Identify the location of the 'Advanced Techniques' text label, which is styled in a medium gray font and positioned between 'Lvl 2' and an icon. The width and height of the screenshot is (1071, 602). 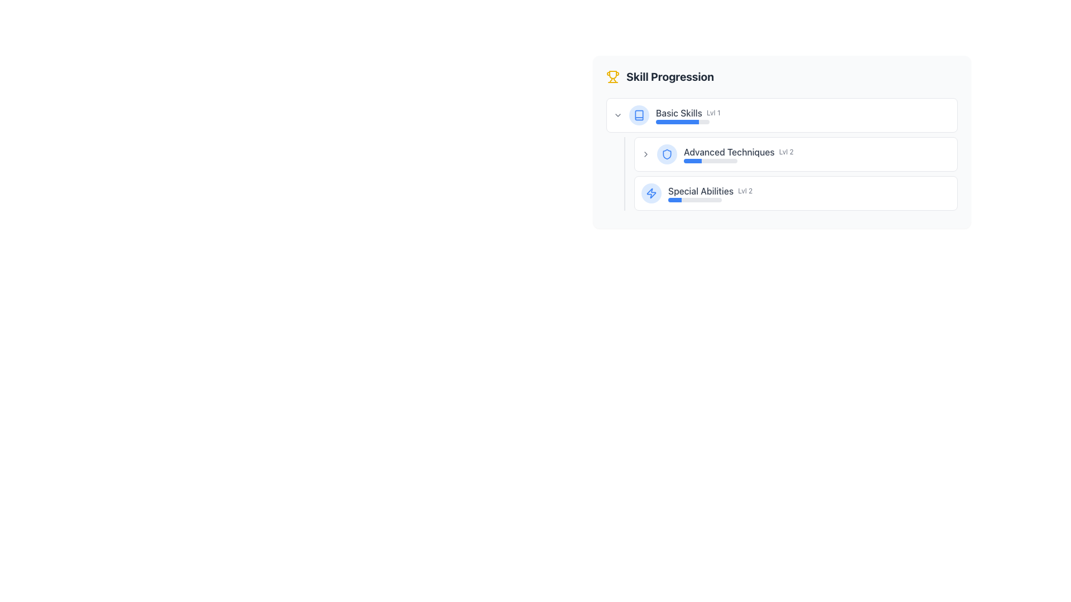
(729, 152).